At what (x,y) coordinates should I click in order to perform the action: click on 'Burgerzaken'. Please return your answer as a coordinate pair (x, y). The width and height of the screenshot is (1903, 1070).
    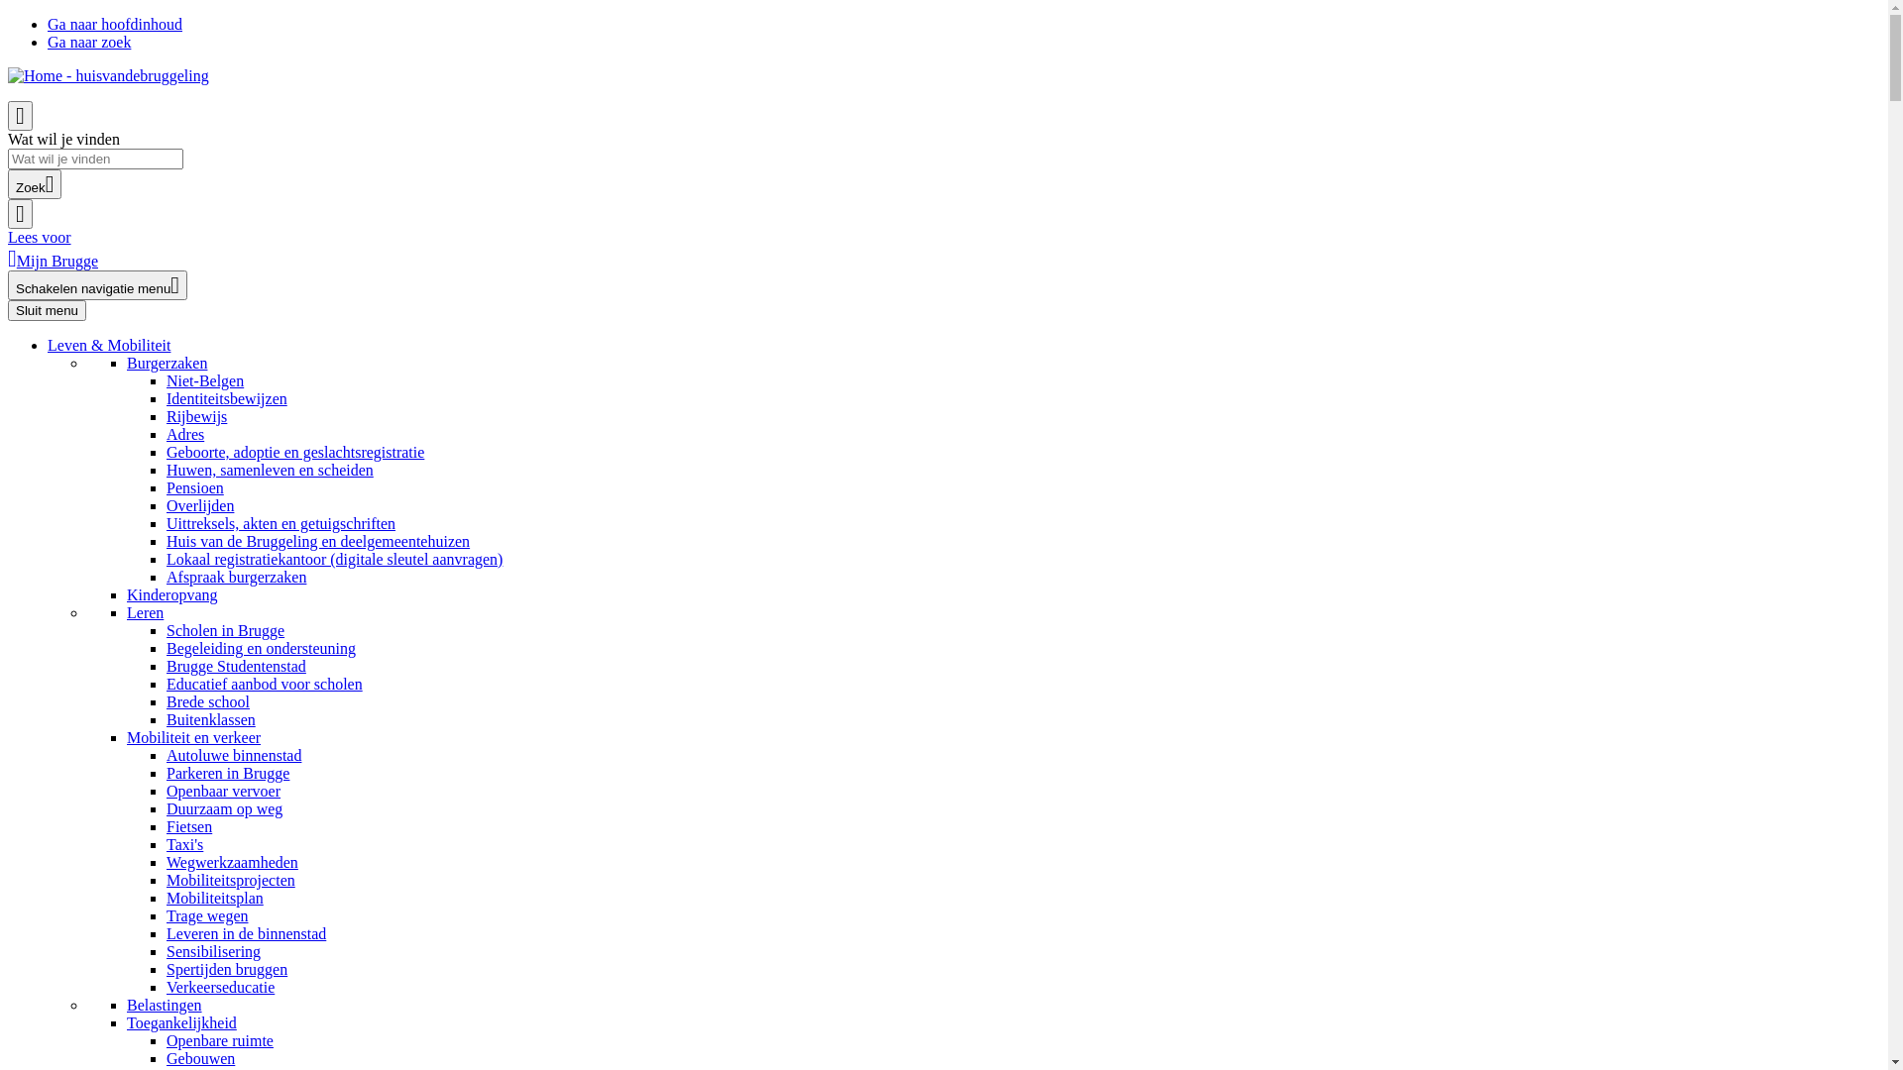
    Looking at the image, I should click on (167, 363).